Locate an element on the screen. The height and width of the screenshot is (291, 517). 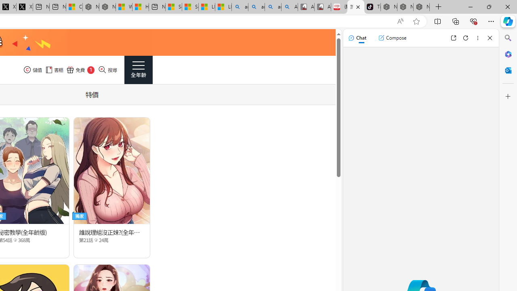
'Nordace Siena Pro 15 Backpack' is located at coordinates (405, 7).